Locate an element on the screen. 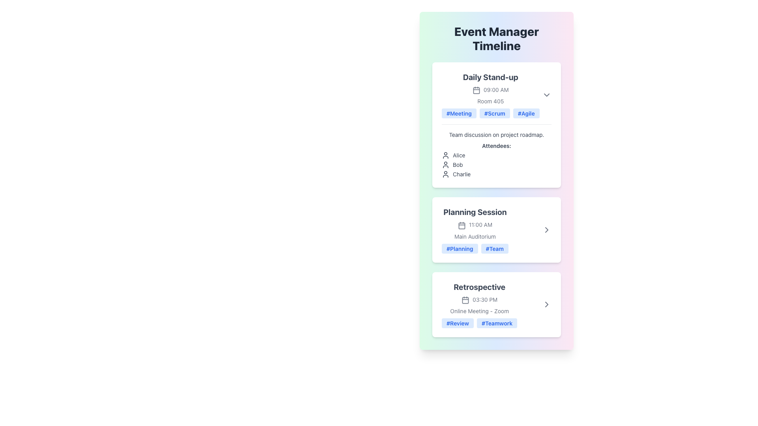 The image size is (758, 426). the user attendee icon located in the 'Daily Stand-up' card under 'Attendees' before the text 'Charlie' is located at coordinates (445, 174).